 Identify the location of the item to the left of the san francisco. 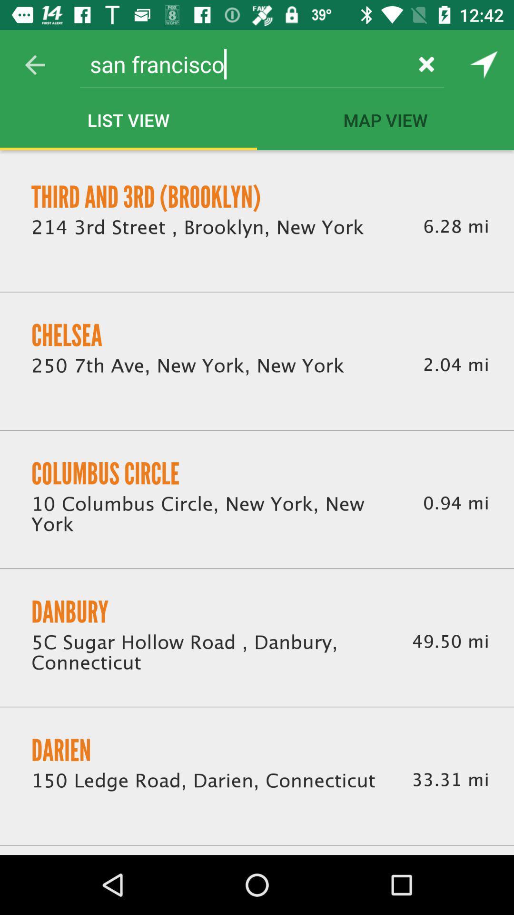
(34, 64).